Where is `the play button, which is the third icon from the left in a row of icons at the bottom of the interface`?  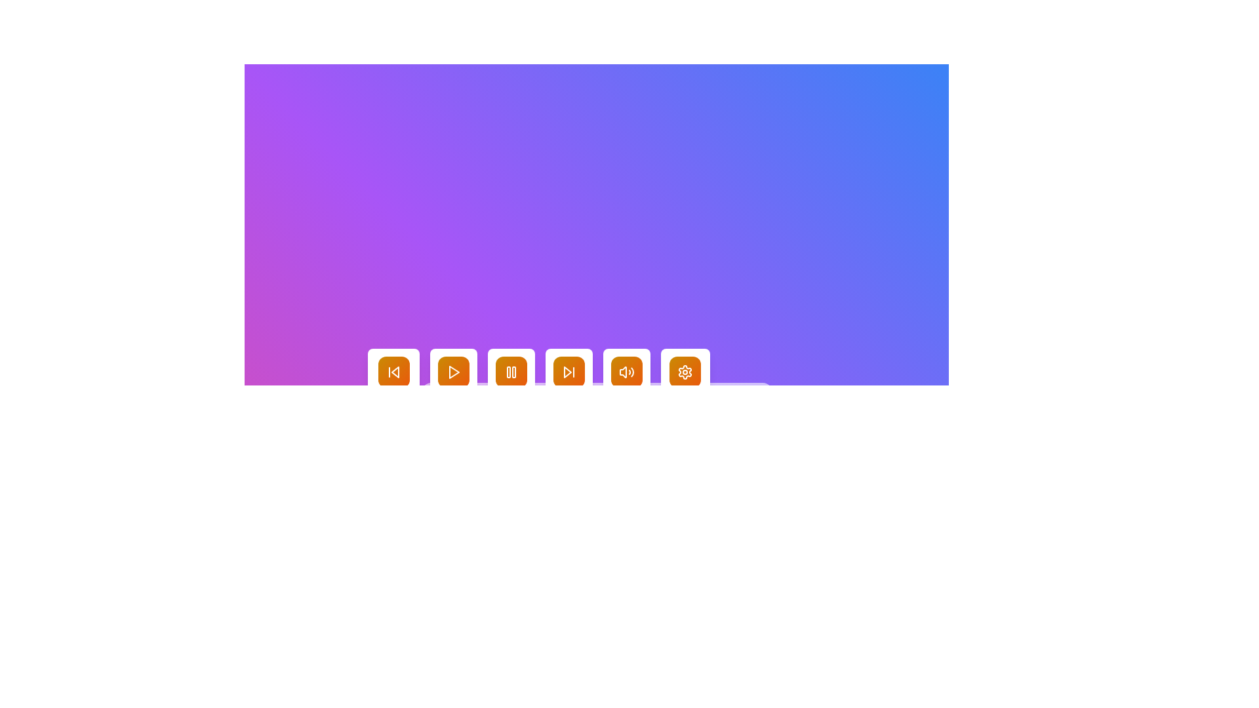
the play button, which is the third icon from the left in a row of icons at the bottom of the interface is located at coordinates (453, 372).